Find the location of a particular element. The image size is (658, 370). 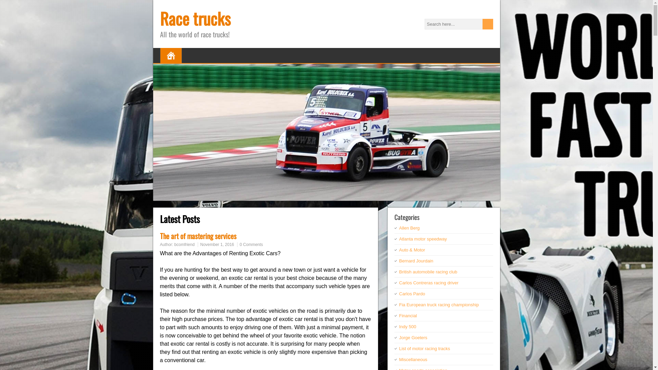

'Fia European truck racing championship' is located at coordinates (439, 304).